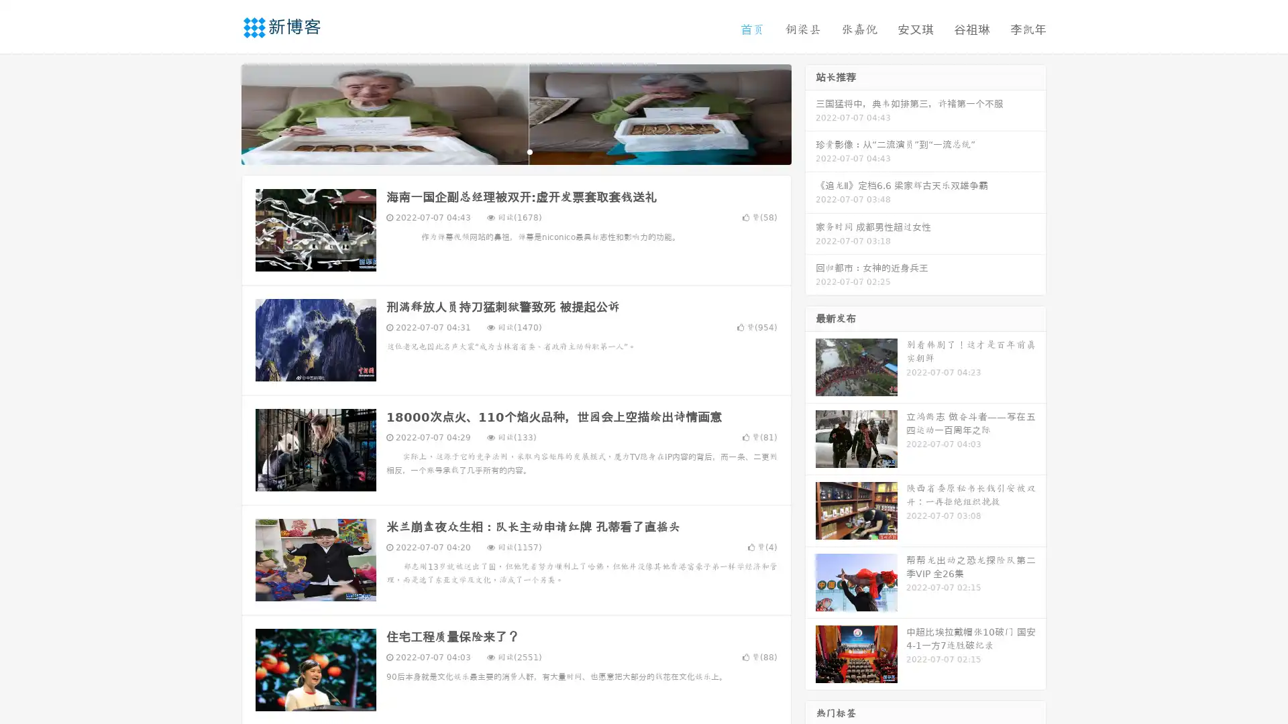 The height and width of the screenshot is (724, 1288). What do you see at coordinates (529, 151) in the screenshot?
I see `Go to slide 3` at bounding box center [529, 151].